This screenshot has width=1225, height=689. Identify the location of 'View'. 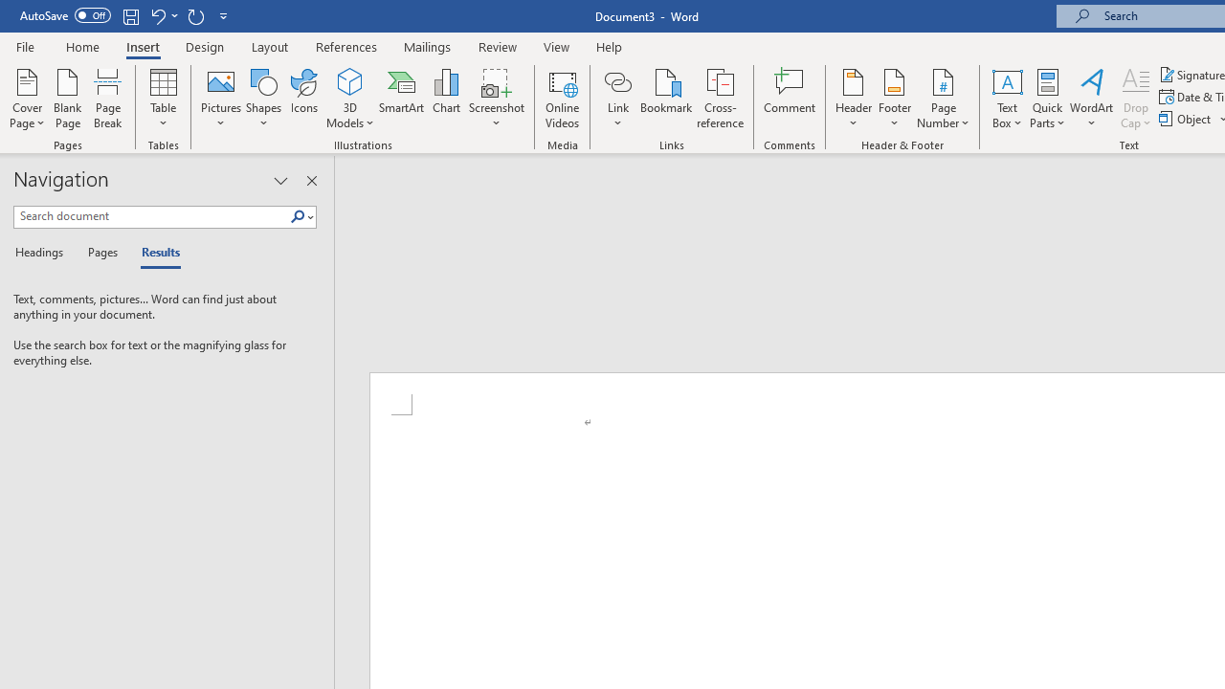
(556, 46).